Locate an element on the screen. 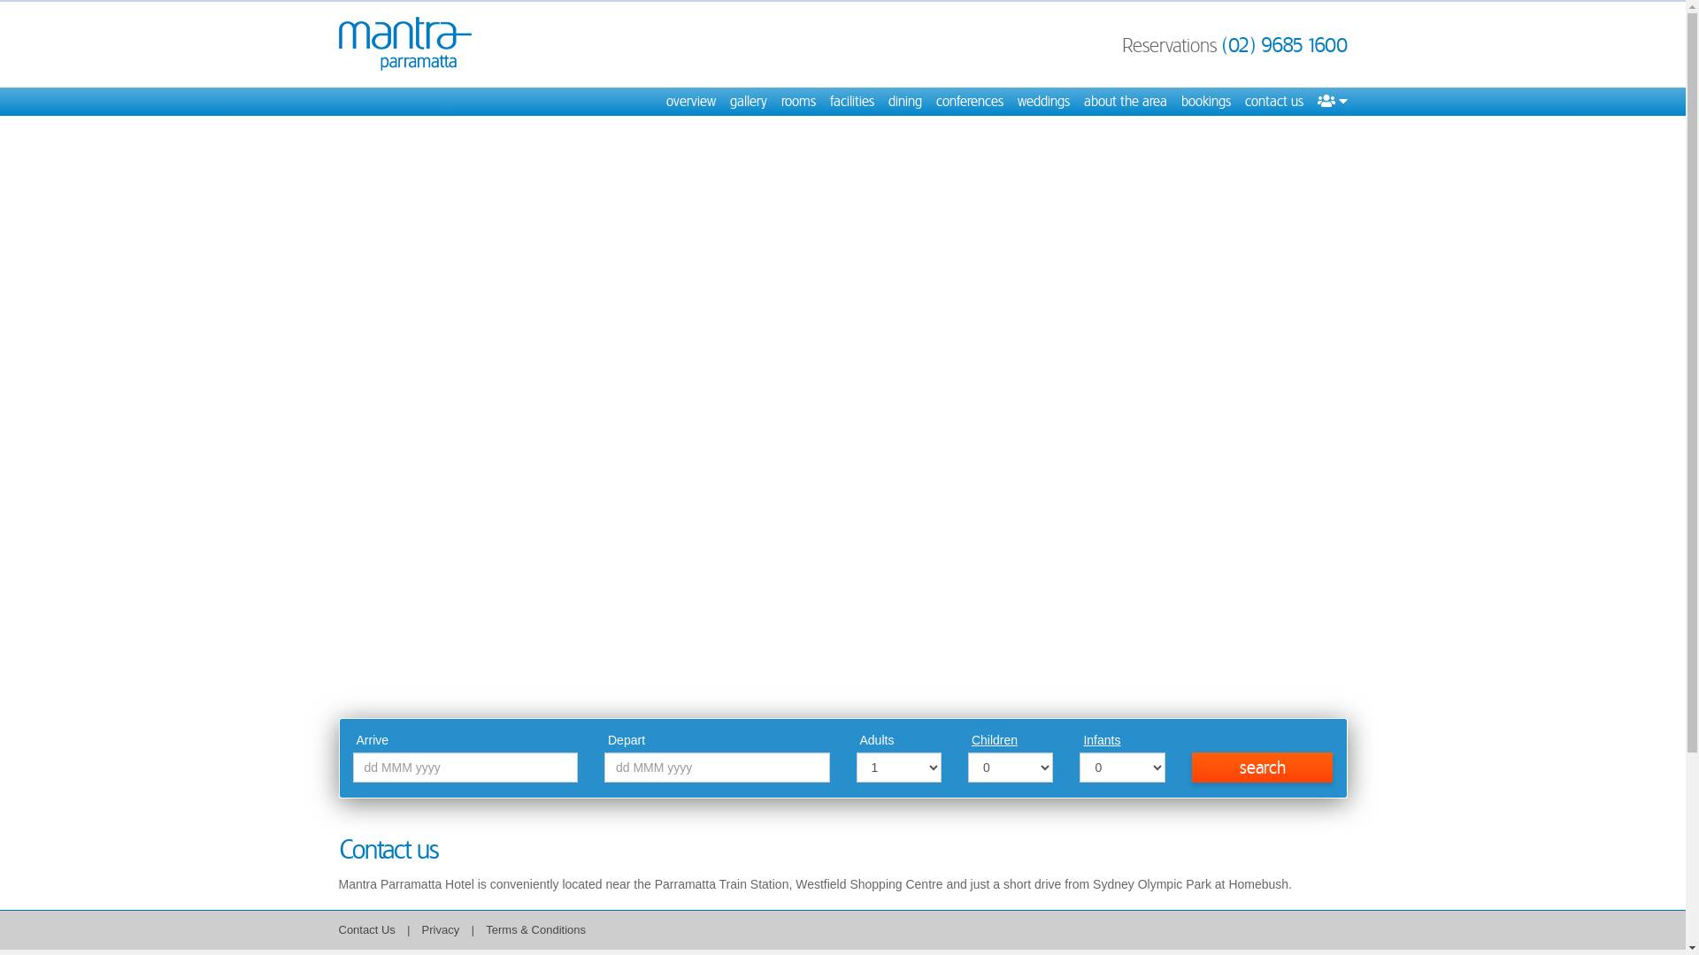 The height and width of the screenshot is (955, 1699). 'gallery' is located at coordinates (747, 102).